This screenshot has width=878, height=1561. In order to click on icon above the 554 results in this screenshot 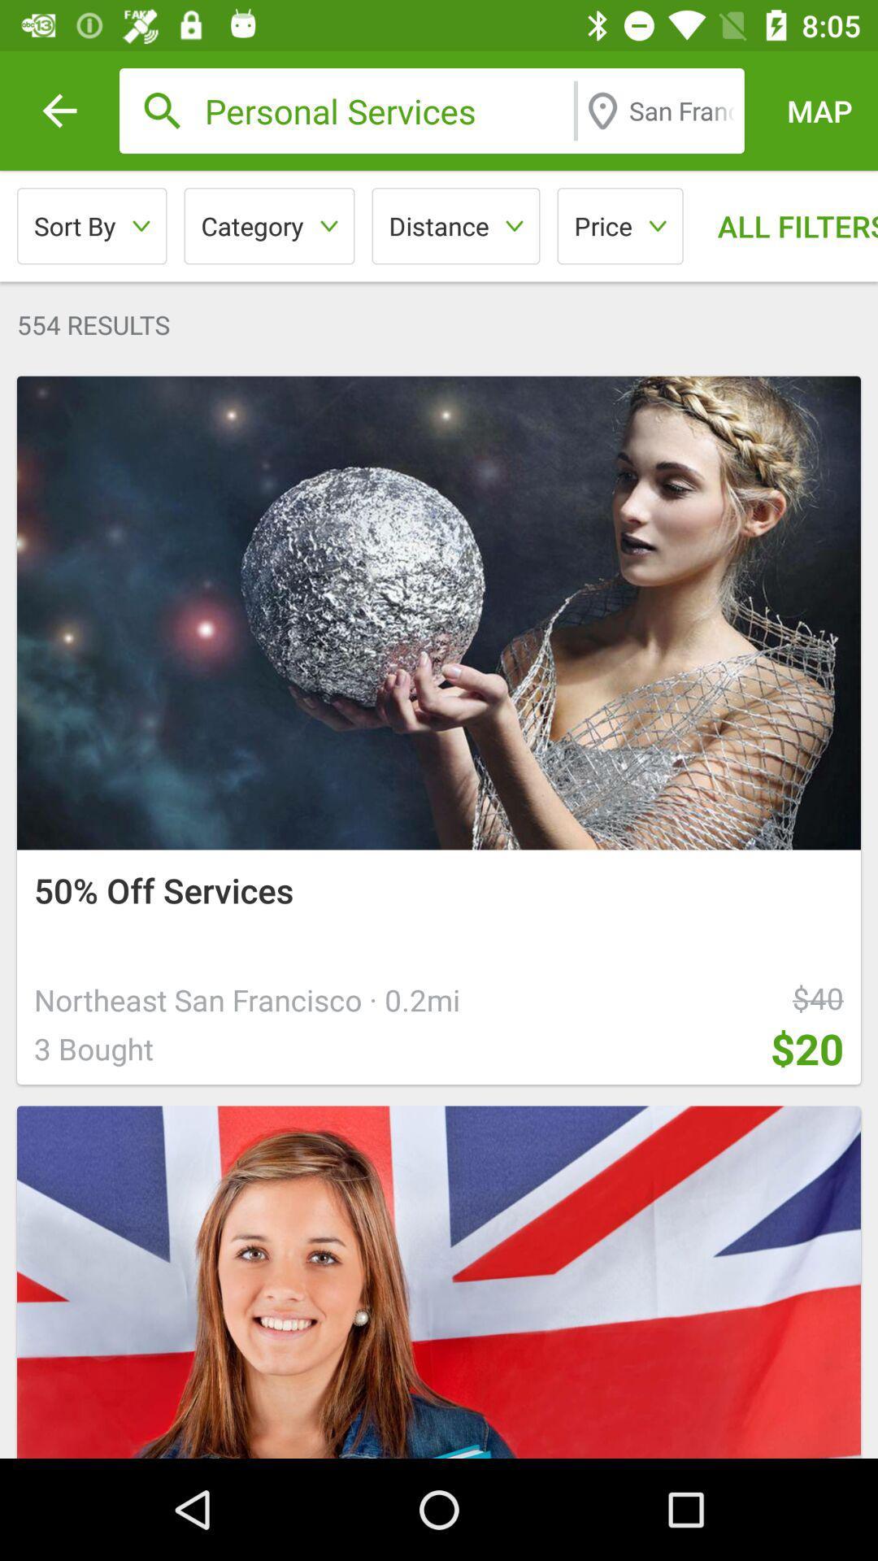, I will do `click(268, 225)`.